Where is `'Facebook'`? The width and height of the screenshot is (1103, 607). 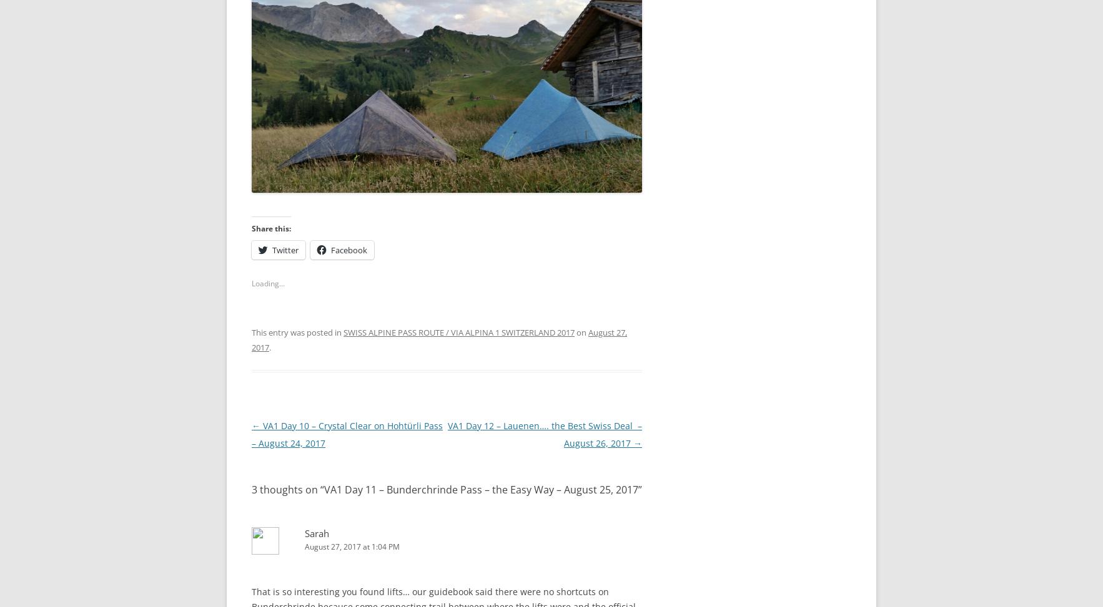 'Facebook' is located at coordinates (349, 249).